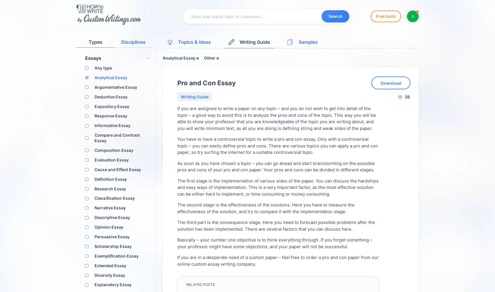  What do you see at coordinates (391, 83) in the screenshot?
I see `'Download'` at bounding box center [391, 83].